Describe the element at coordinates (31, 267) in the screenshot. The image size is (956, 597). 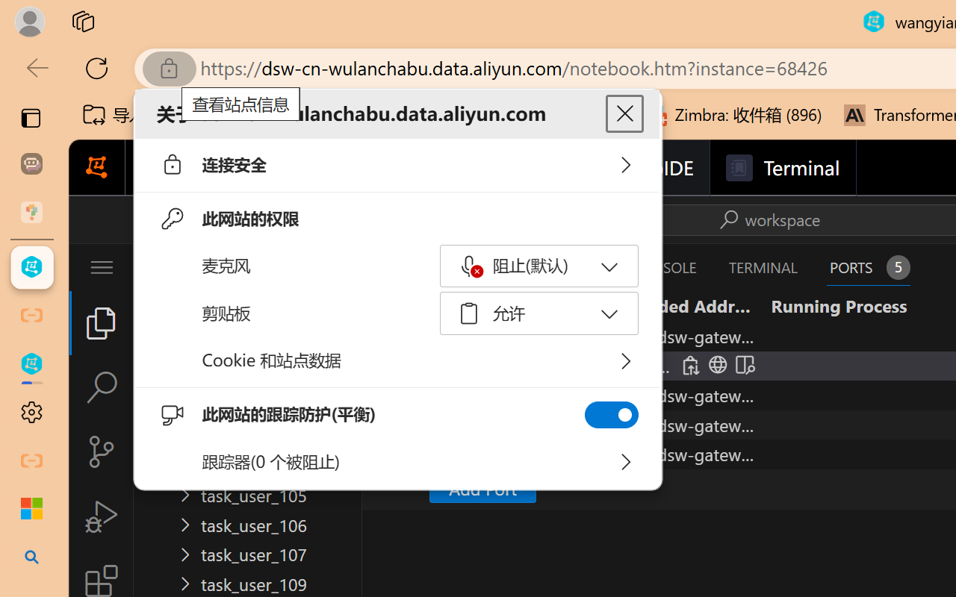
I see `'wangyian_dsw - DSW'` at that location.